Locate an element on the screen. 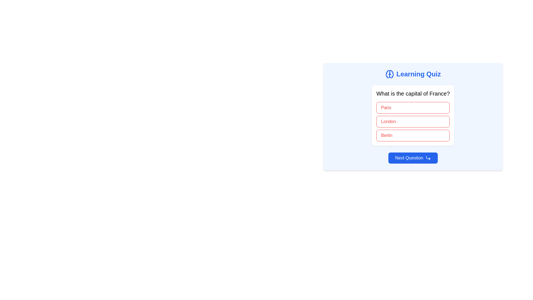 Image resolution: width=533 pixels, height=300 pixels. the blue 'Next Question' button with white text and an arrow icon, located at the bottom of the card layout to proceed to the next question is located at coordinates (413, 158).